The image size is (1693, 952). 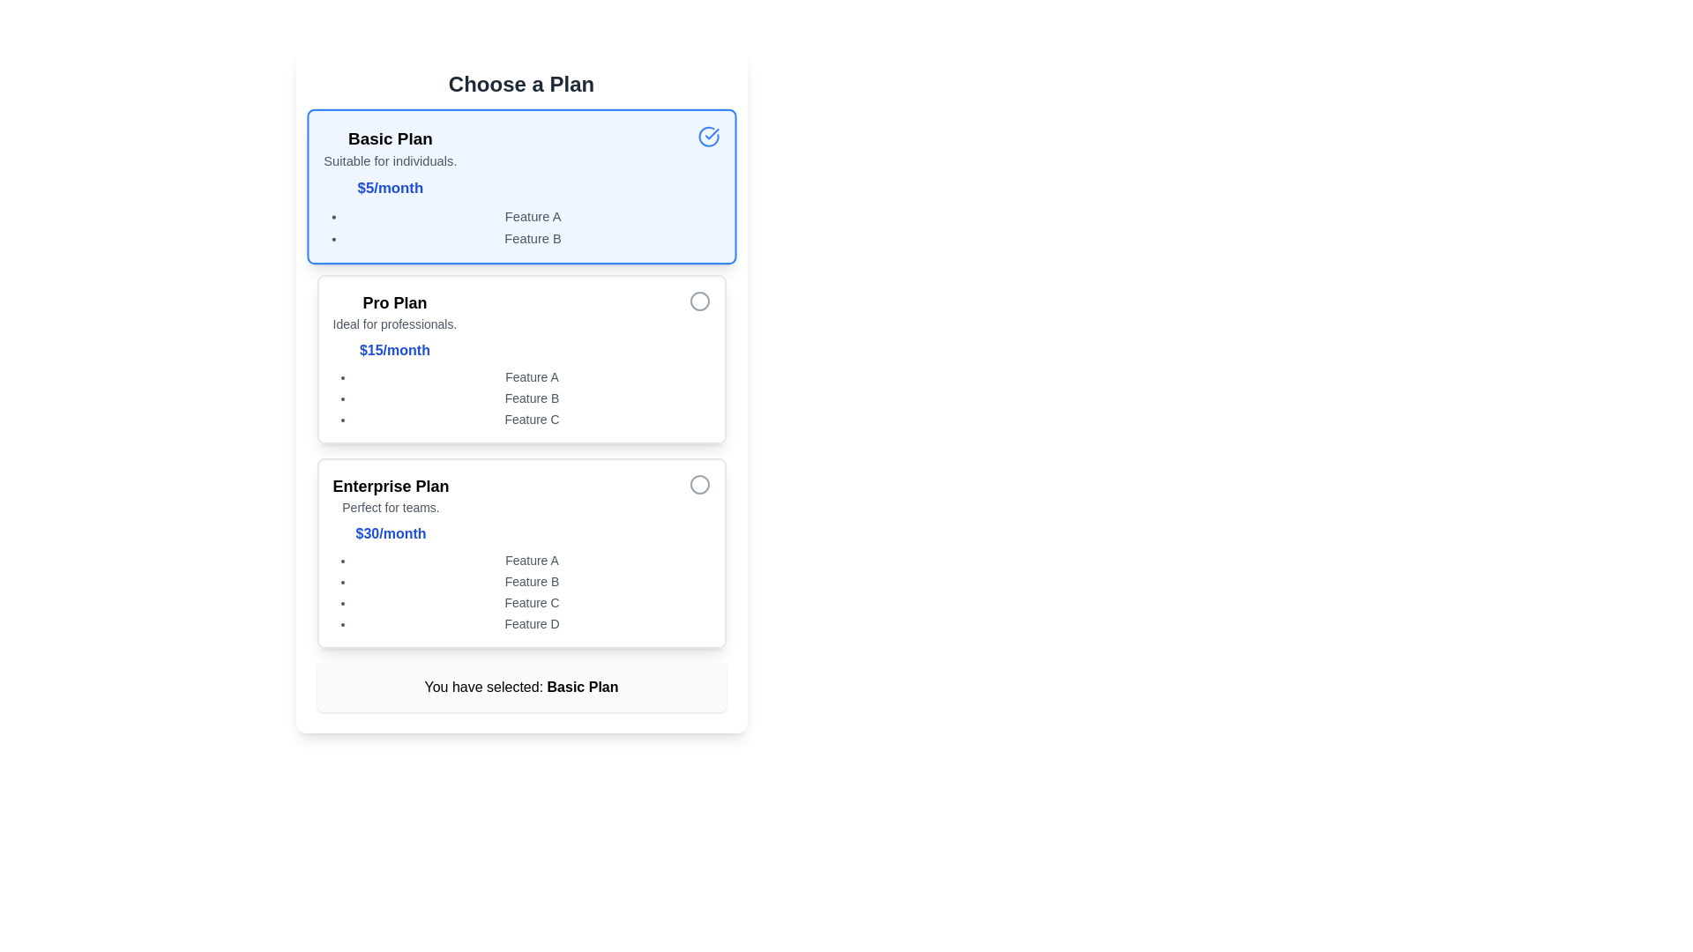 I want to click on text content of the 'Feature B' label, which is the second item in the bulleted list within the 'Enterprise Plan' section, so click(x=531, y=581).